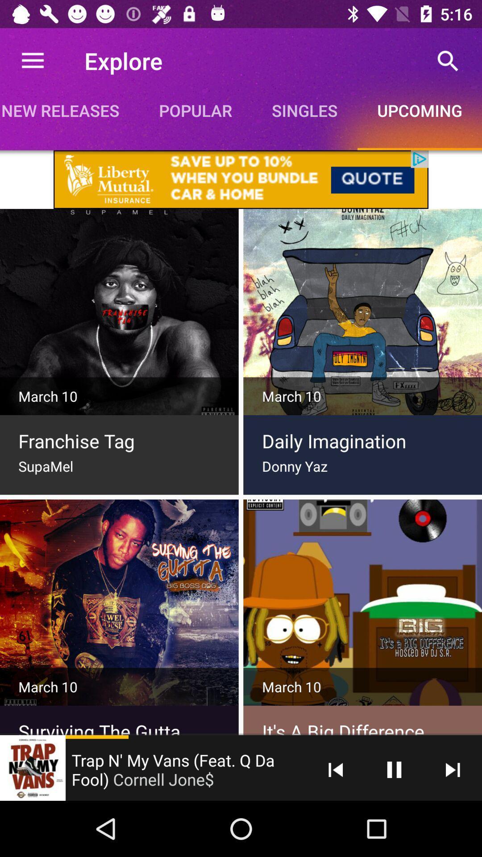  Describe the element at coordinates (69, 110) in the screenshot. I see `the item to the left of popular` at that location.